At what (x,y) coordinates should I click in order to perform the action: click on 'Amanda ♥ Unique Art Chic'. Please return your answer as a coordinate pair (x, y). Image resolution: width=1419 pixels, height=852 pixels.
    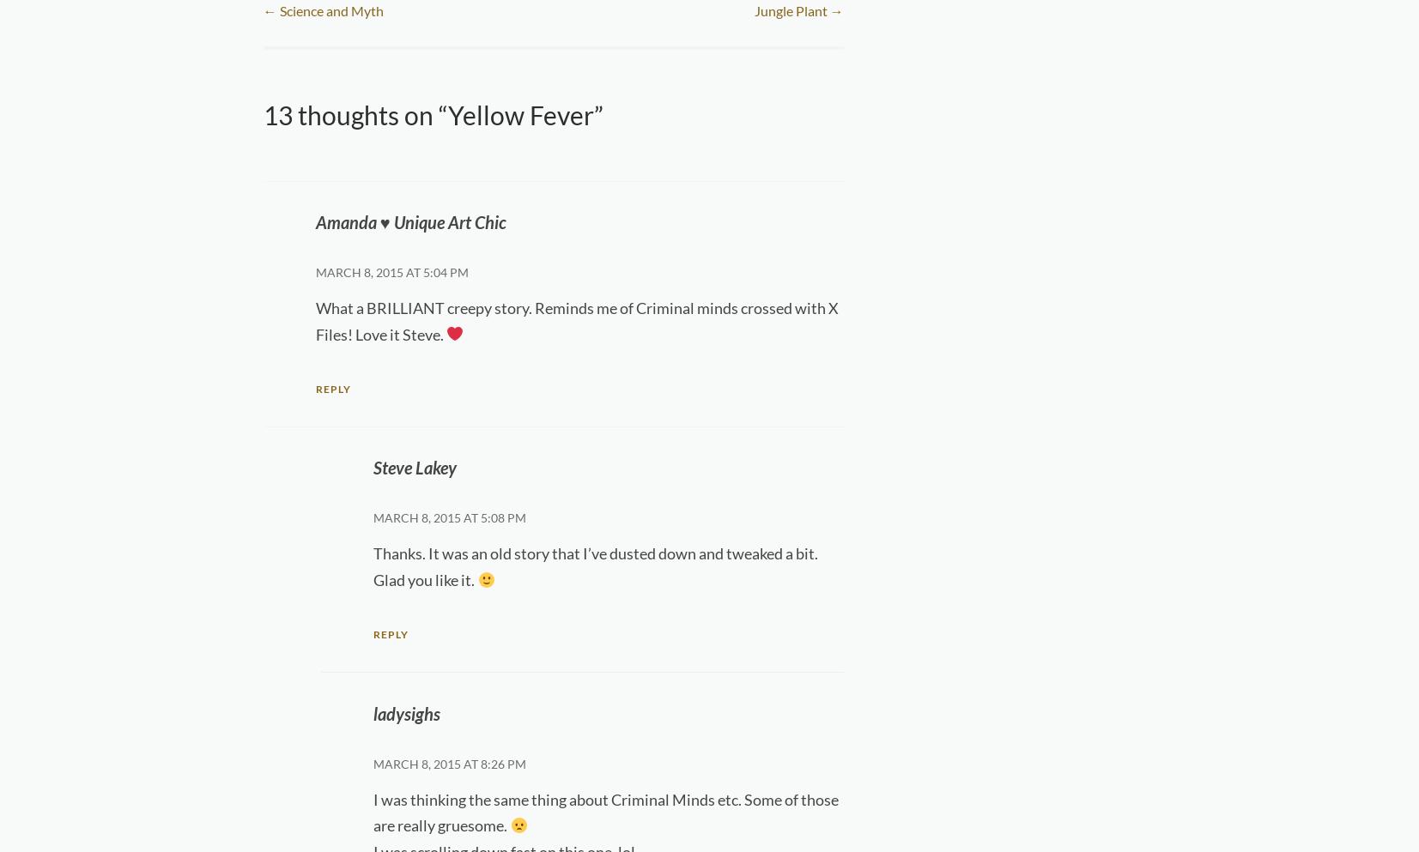
    Looking at the image, I should click on (409, 221).